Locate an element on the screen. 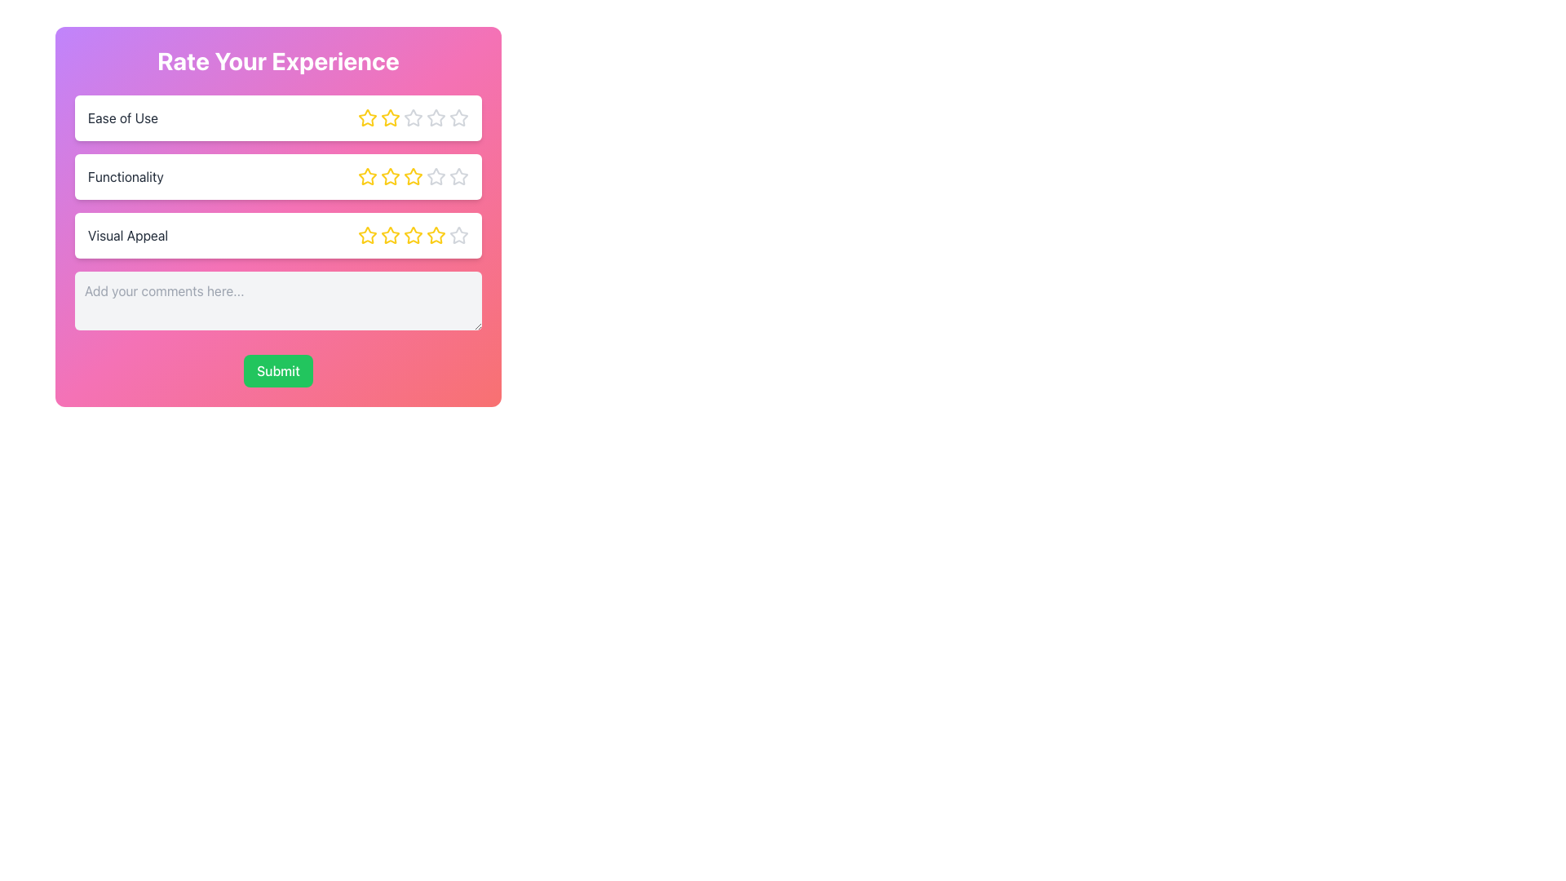  the text label 'Functionality' is located at coordinates (125, 176).